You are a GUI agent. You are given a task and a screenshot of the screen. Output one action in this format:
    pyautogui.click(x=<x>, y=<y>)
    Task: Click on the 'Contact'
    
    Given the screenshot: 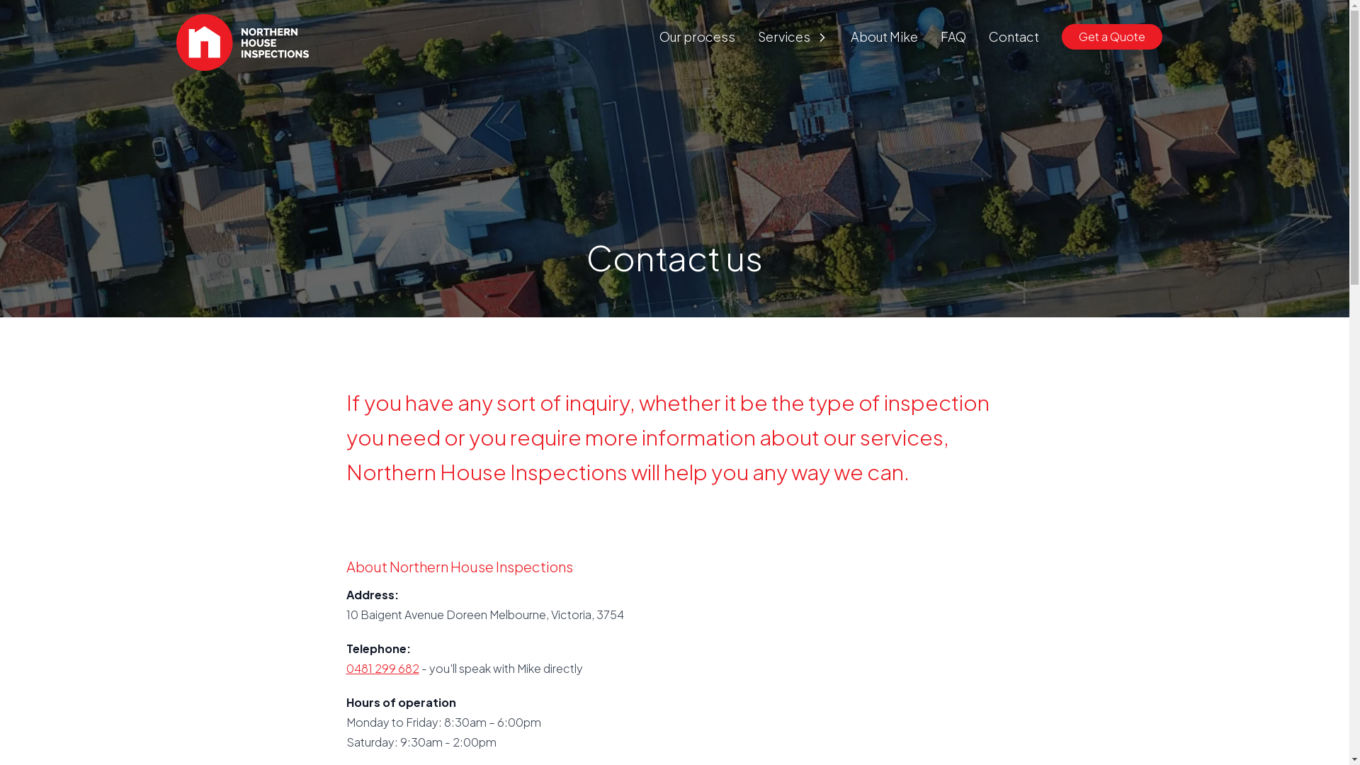 What is the action you would take?
    pyautogui.click(x=1013, y=36)
    